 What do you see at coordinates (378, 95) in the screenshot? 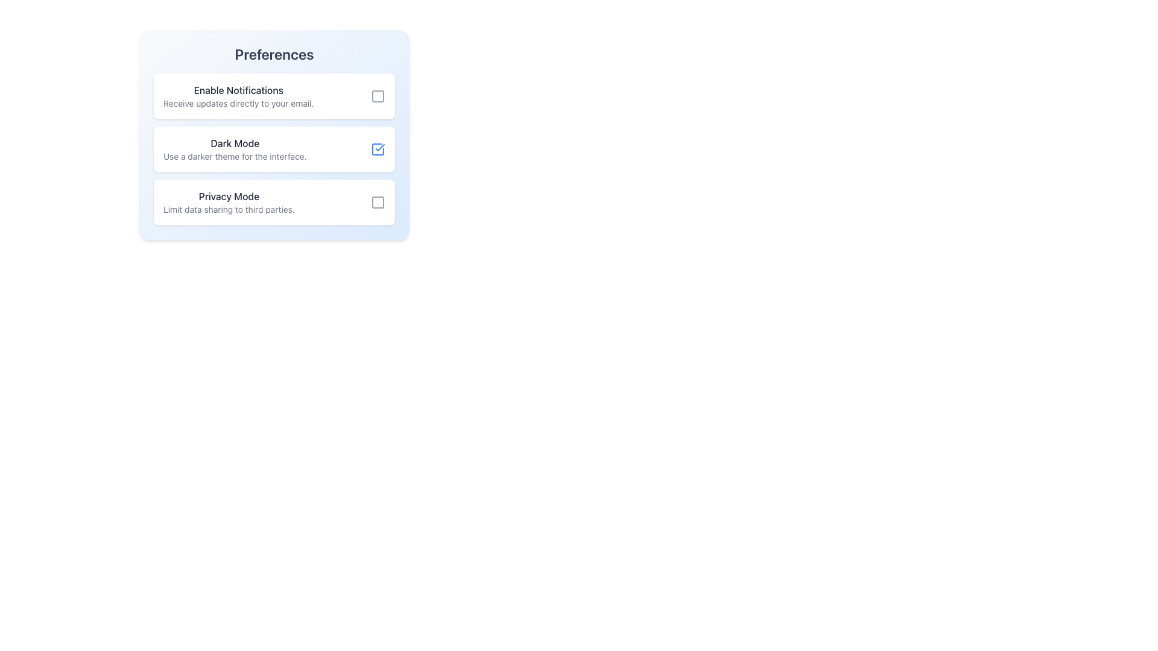
I see `the square-shaped icon for 'Enable Notifications'` at bounding box center [378, 95].